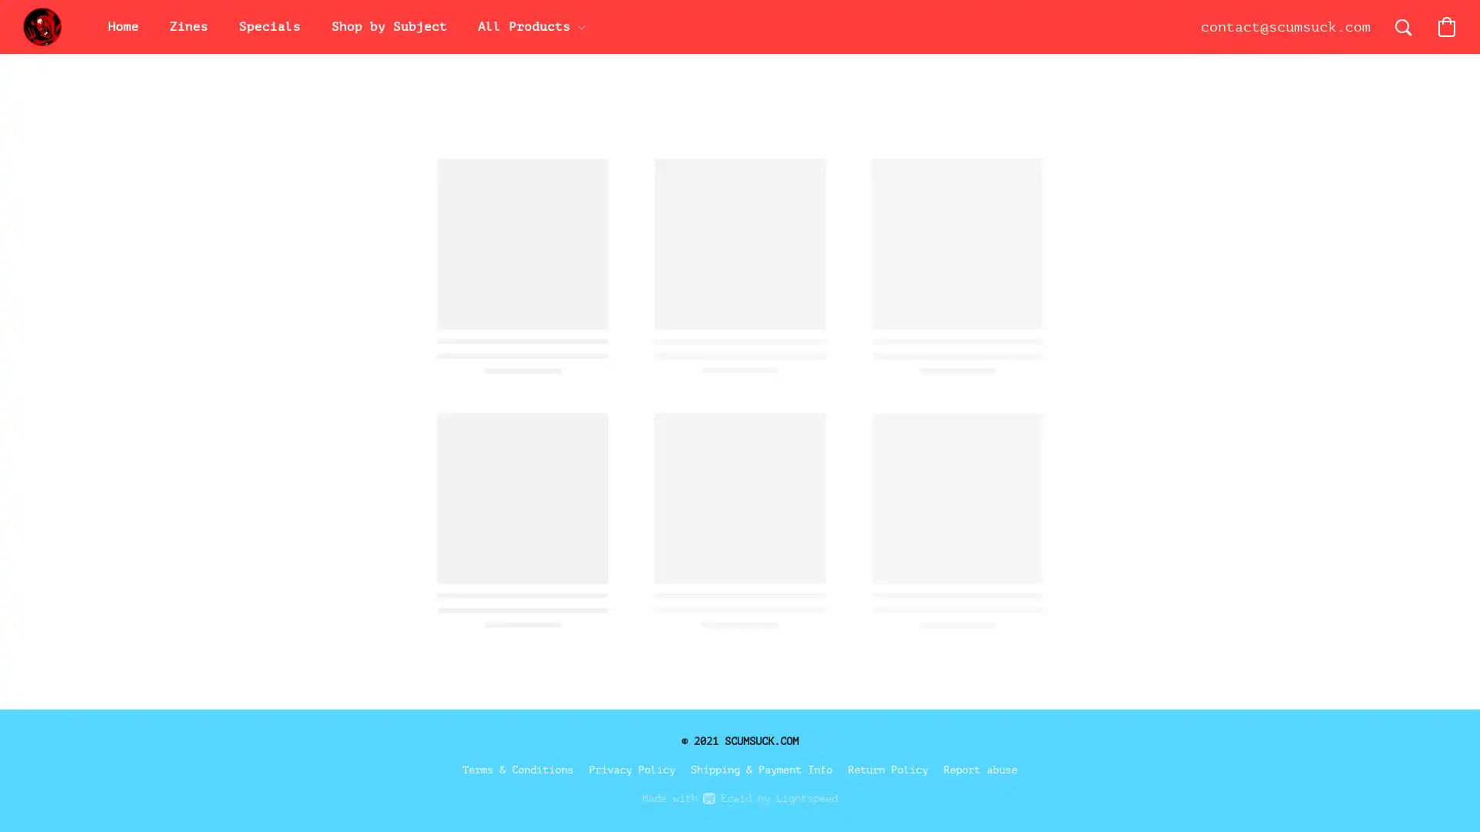 This screenshot has width=1480, height=832. Describe the element at coordinates (956, 671) in the screenshot. I see `Save this product for later` at that location.